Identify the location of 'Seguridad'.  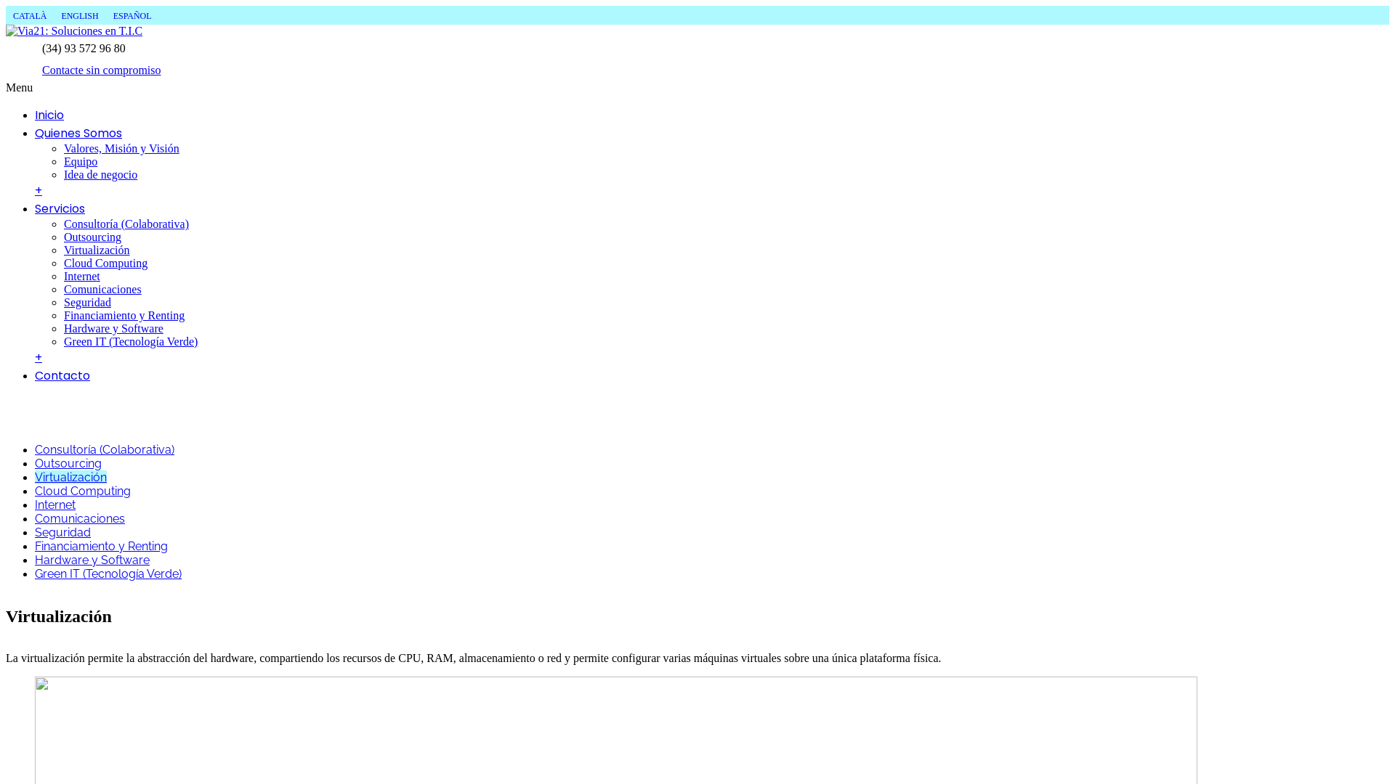
(62, 532).